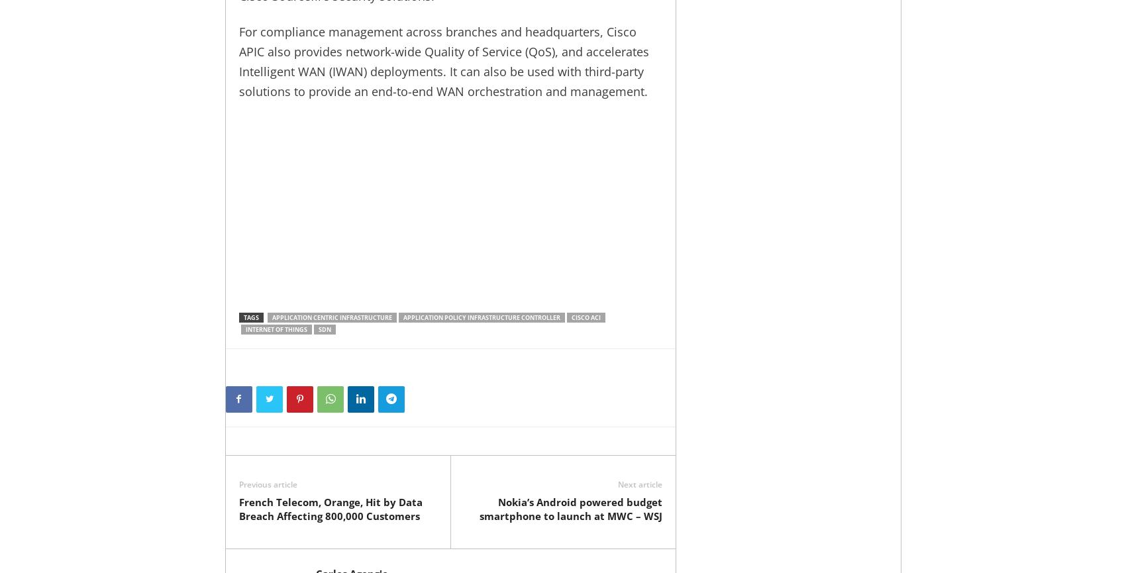 Image resolution: width=1126 pixels, height=573 pixels. Describe the element at coordinates (443, 61) in the screenshot. I see `'For compliance management across branches and headquarters, Cisco APIC also provides network-wide Quality of Service (QoS), and accelerates Intelligent WAN (IWAN) deployments. It can also be used with third-party solutions to provide an end-to-end WAN orchestration and management.'` at that location.